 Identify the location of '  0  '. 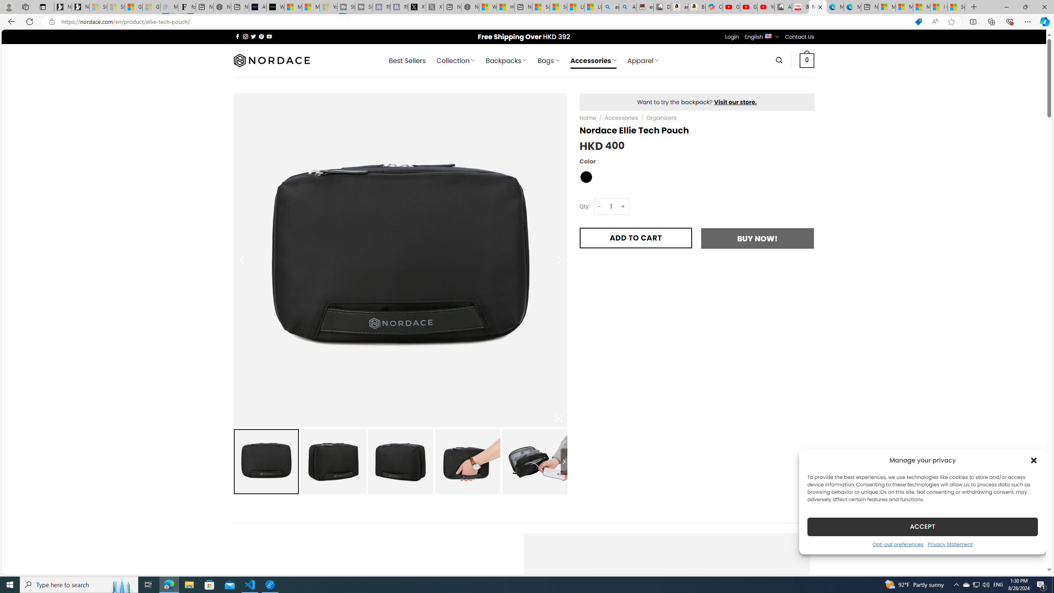
(807, 60).